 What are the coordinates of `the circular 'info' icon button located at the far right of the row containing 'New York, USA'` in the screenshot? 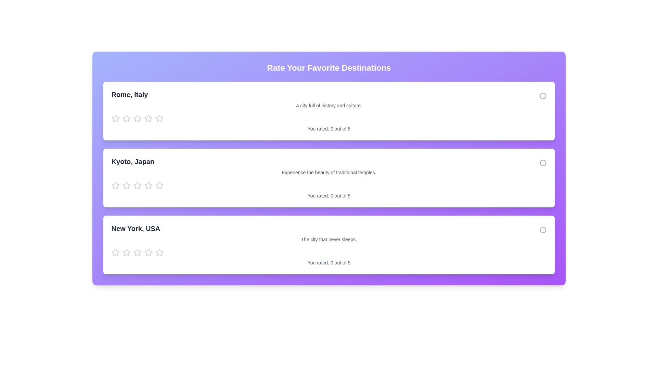 It's located at (543, 230).